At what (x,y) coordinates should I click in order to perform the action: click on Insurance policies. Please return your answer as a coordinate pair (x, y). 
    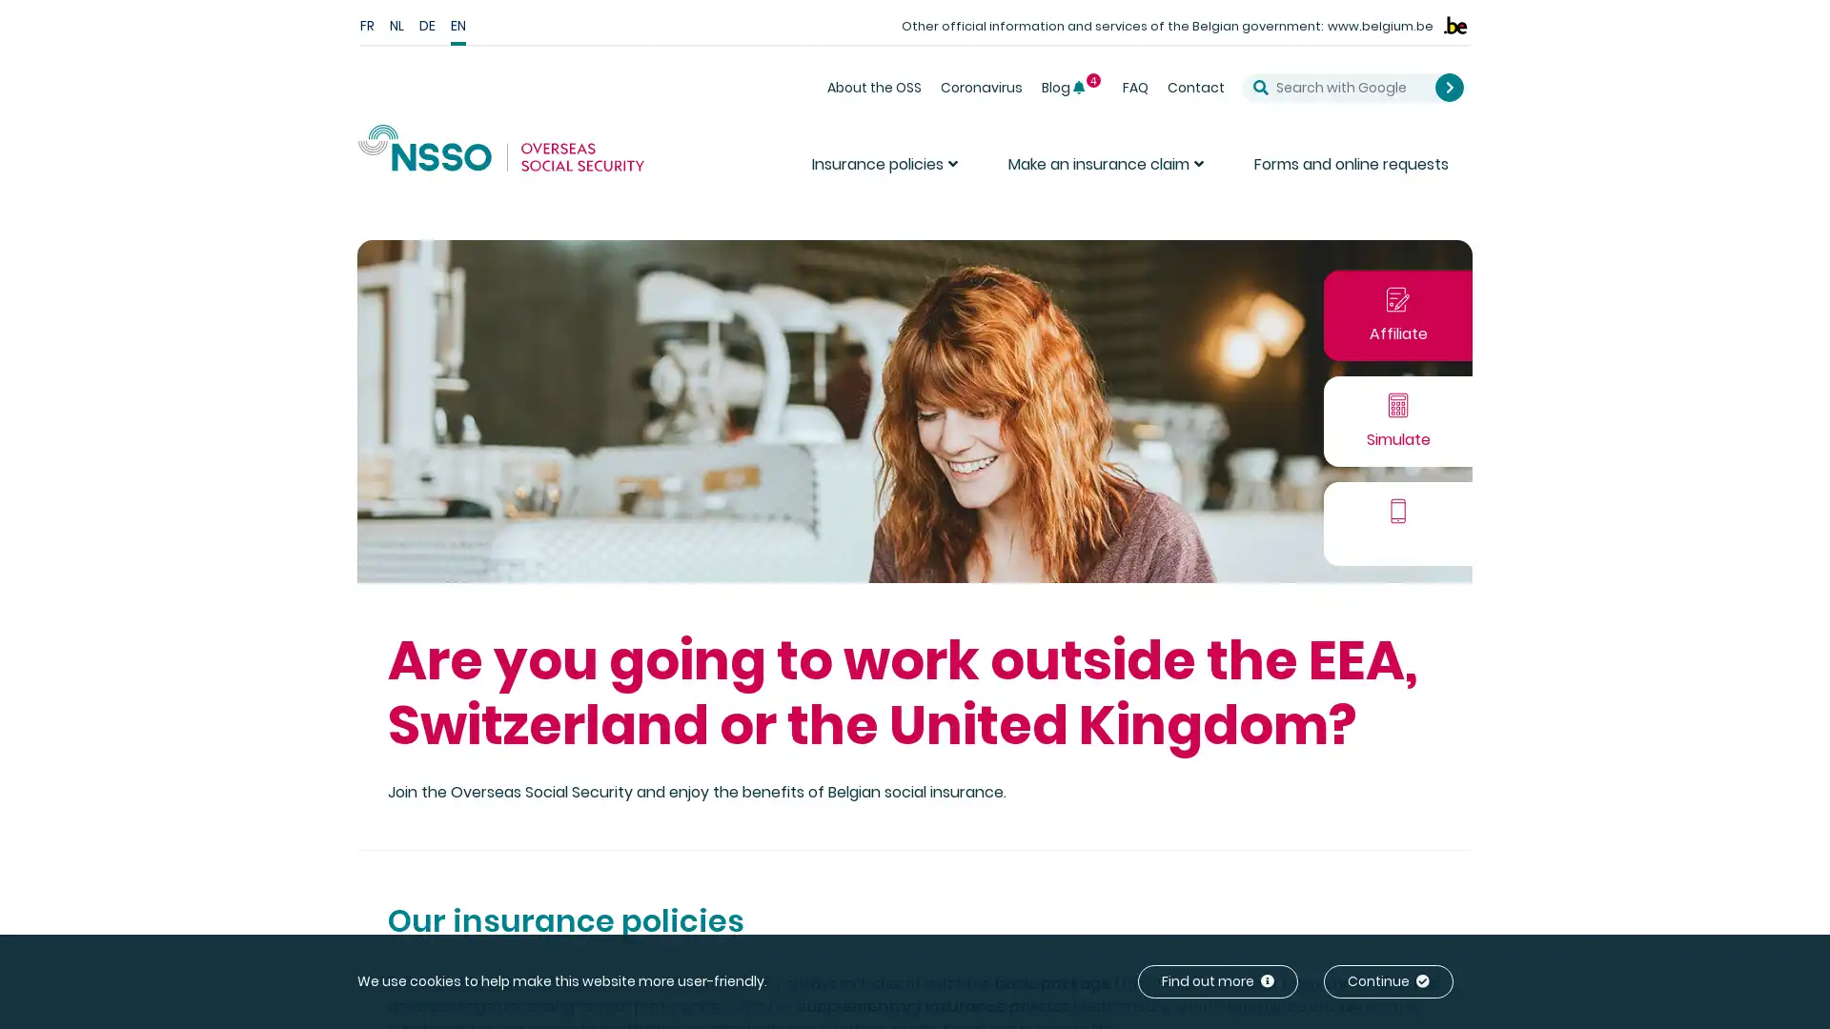
    Looking at the image, I should click on (886, 171).